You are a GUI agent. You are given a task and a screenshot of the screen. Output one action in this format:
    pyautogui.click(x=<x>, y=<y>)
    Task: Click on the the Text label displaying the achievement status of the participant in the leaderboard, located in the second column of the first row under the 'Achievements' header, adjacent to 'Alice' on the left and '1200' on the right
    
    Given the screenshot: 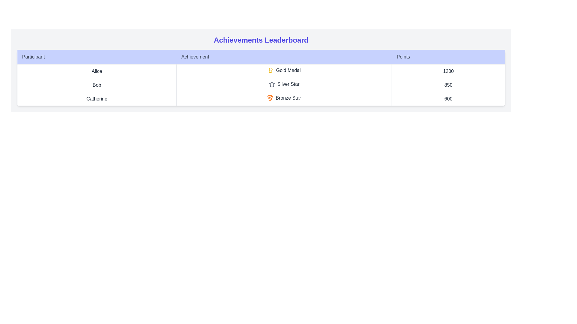 What is the action you would take?
    pyautogui.click(x=284, y=71)
    